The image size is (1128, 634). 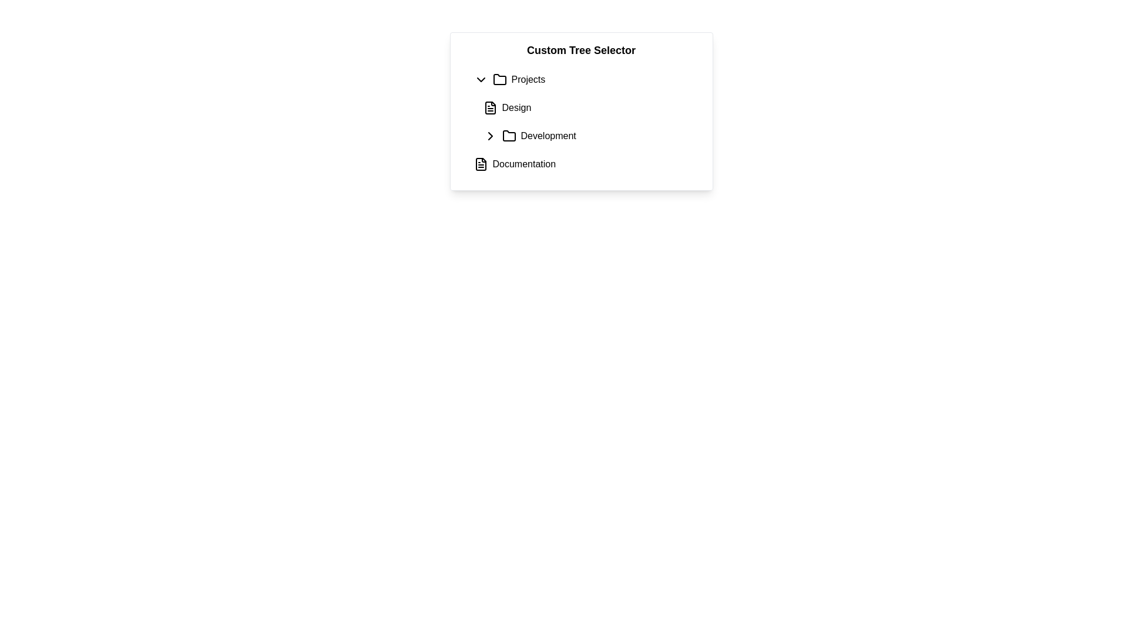 What do you see at coordinates (490, 108) in the screenshot?
I see `the document or file icon representing the 'Design' category, which is positioned to the left of the 'Design' text label` at bounding box center [490, 108].